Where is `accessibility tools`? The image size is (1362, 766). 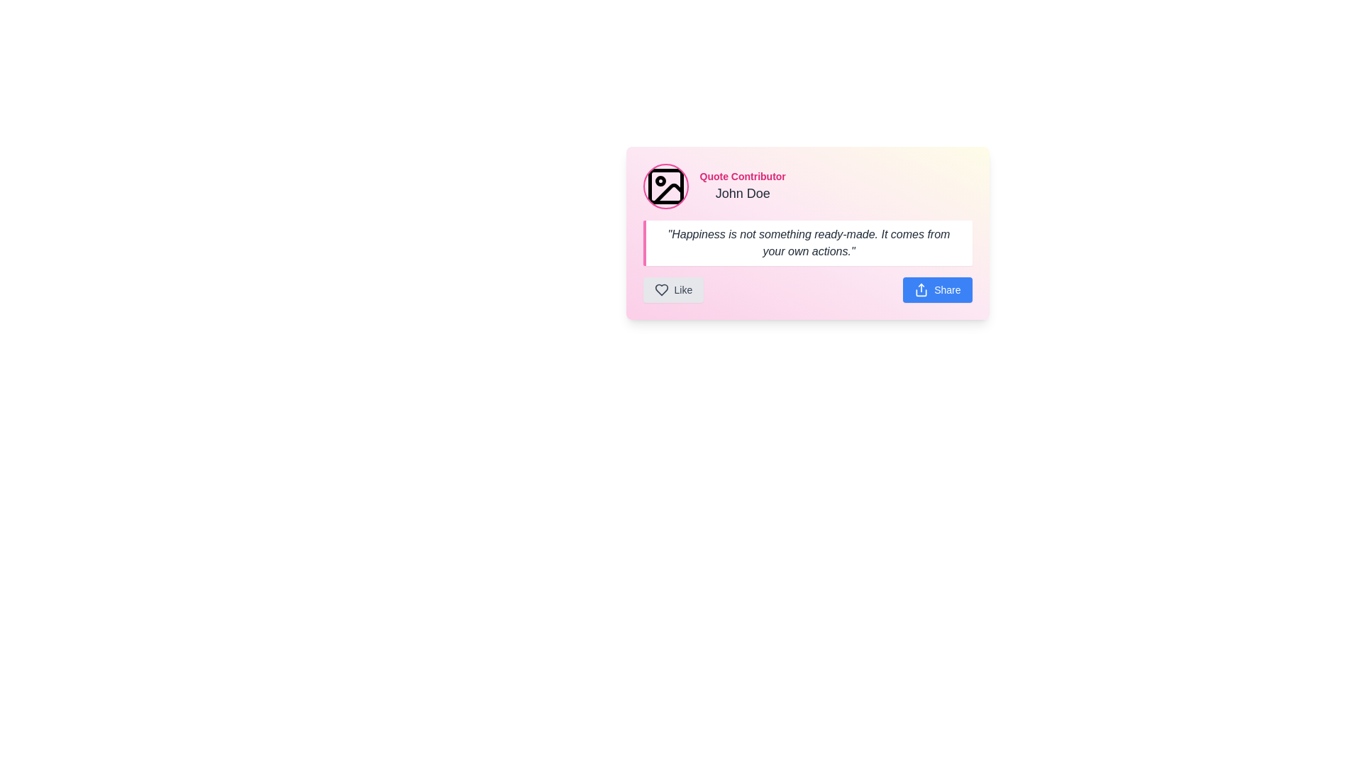 accessibility tools is located at coordinates (742, 185).